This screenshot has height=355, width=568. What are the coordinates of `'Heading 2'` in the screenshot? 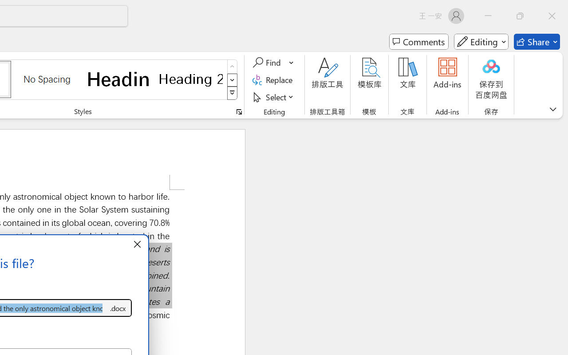 It's located at (190, 79).